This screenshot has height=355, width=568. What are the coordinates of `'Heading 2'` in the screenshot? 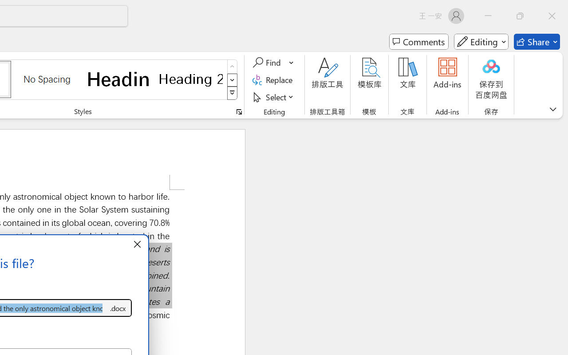 It's located at (190, 79).